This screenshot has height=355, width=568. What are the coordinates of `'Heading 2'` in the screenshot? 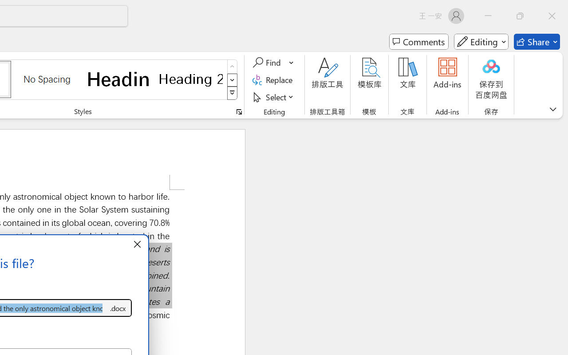 It's located at (190, 79).